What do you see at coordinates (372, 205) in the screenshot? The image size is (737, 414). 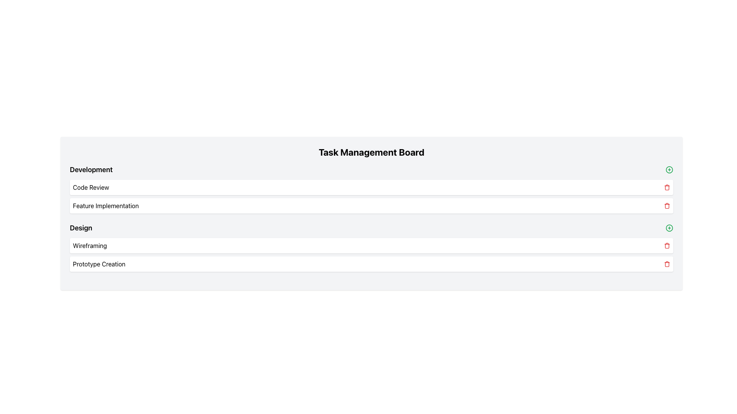 I see `the second list item labeled 'Feature Implementation' in the 'Development' section` at bounding box center [372, 205].